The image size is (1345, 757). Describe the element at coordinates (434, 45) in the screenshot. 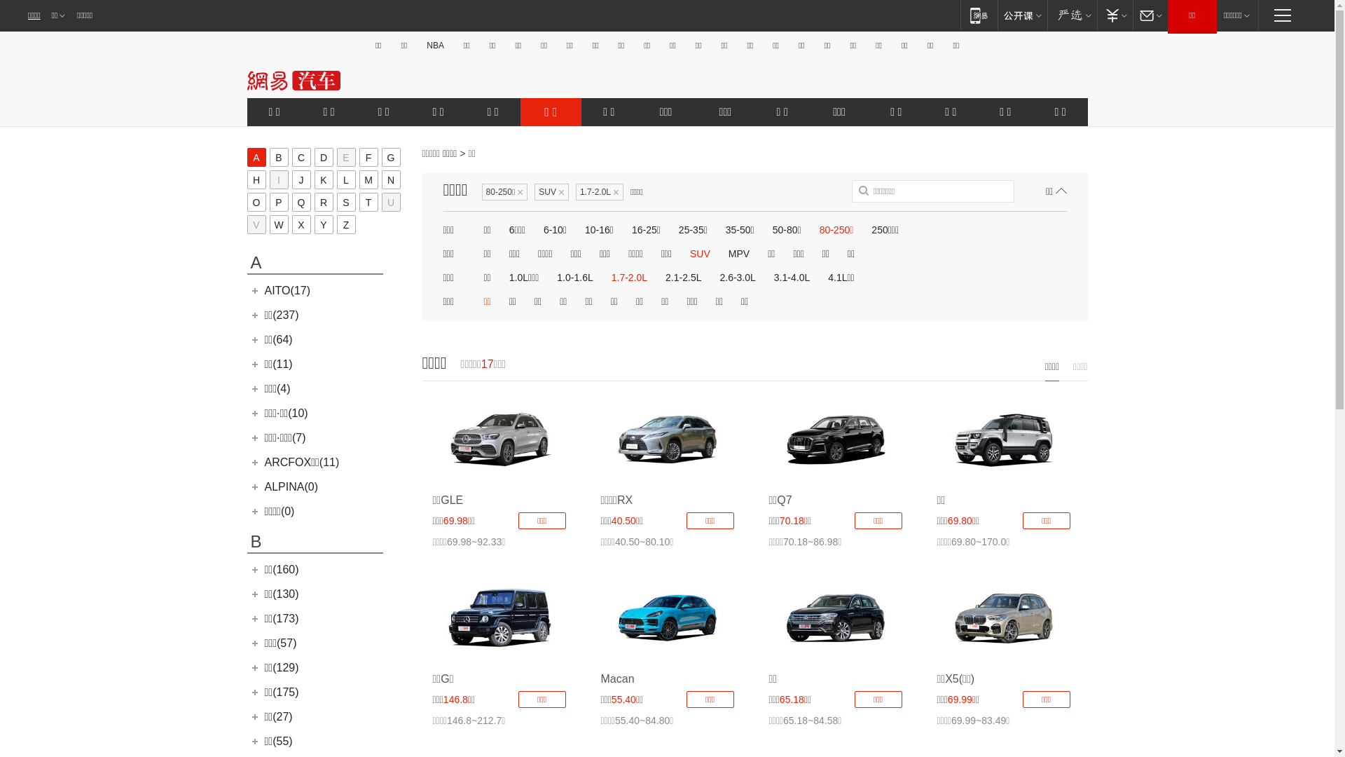

I see `'NBA'` at that location.